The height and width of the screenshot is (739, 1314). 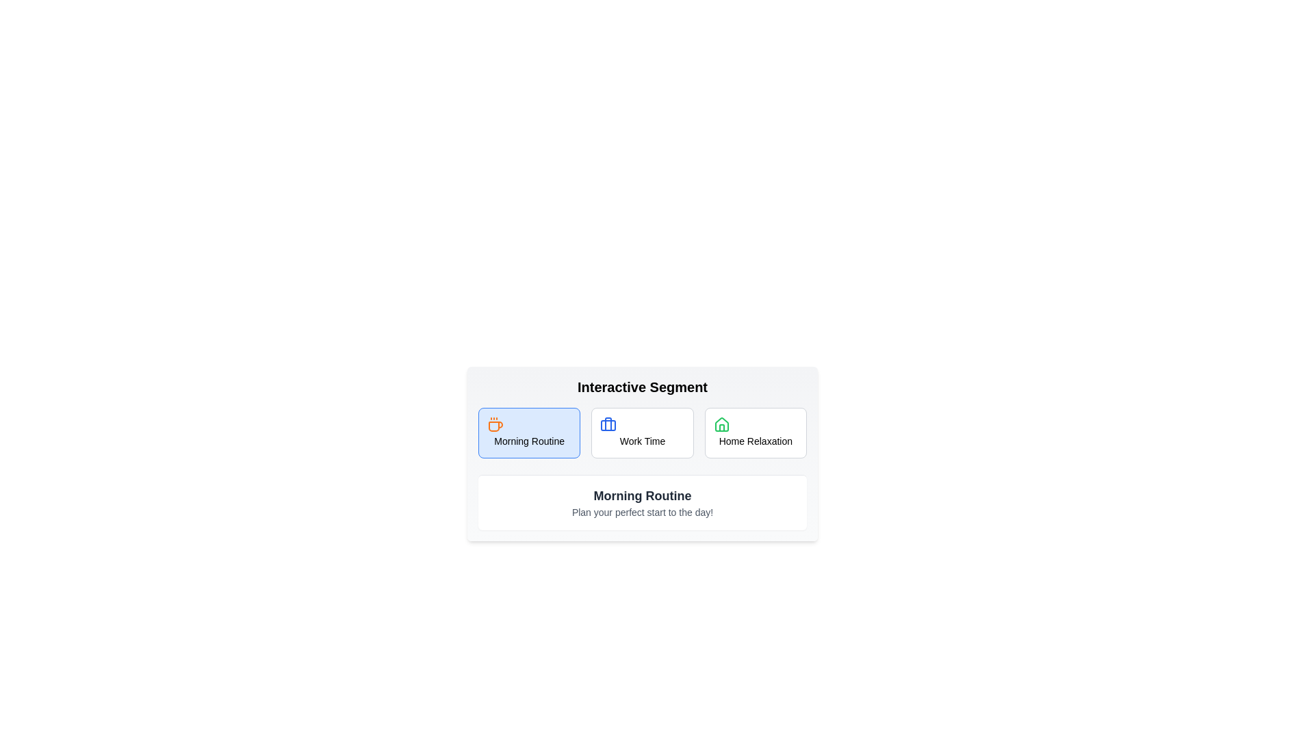 What do you see at coordinates (608, 424) in the screenshot?
I see `the rectangular SVG shape within the briefcase icon located in the 'Morning Routine' section` at bounding box center [608, 424].